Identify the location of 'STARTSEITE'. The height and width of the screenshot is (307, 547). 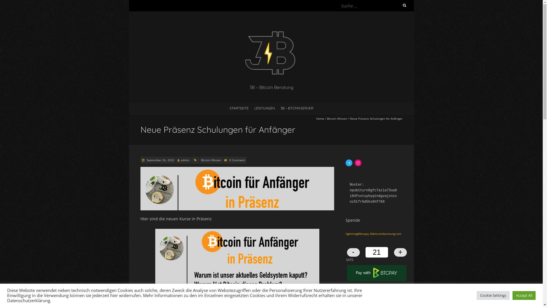
(239, 108).